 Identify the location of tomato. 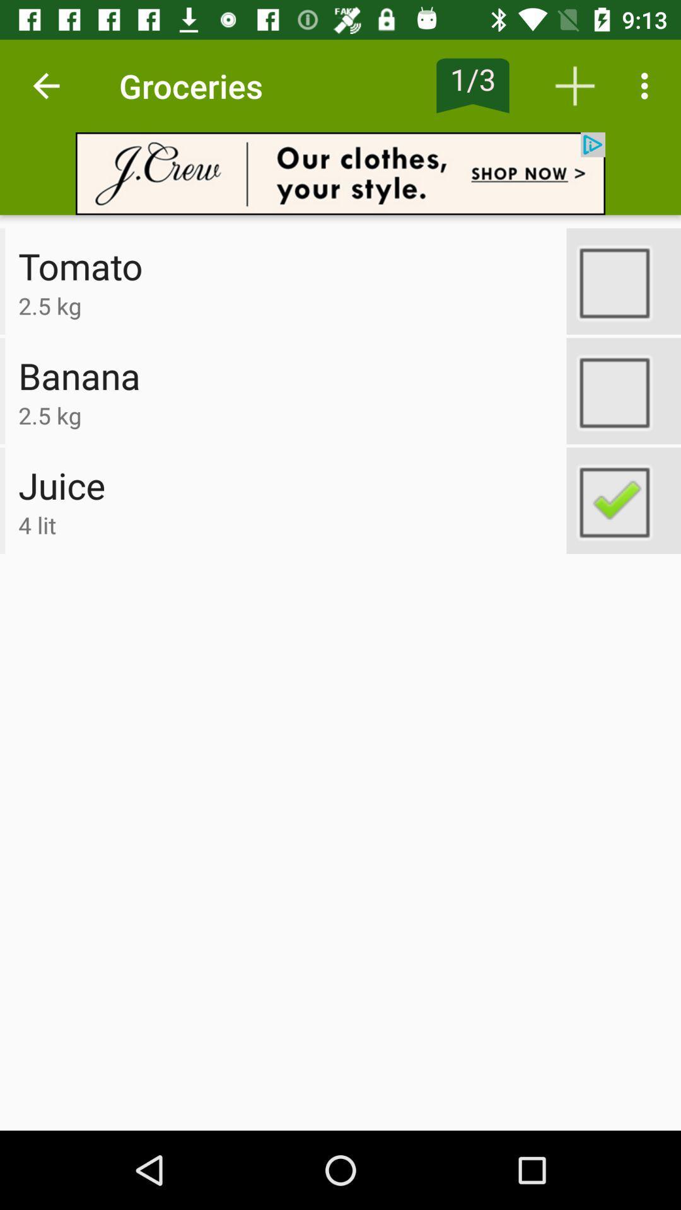
(623, 280).